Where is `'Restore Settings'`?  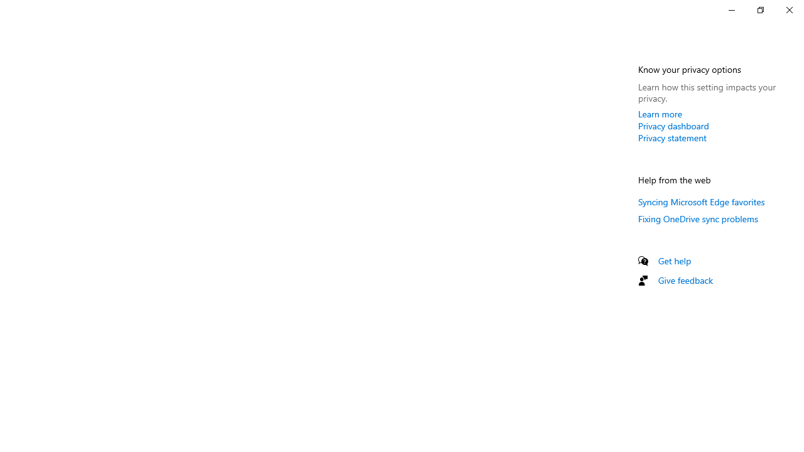 'Restore Settings' is located at coordinates (759, 9).